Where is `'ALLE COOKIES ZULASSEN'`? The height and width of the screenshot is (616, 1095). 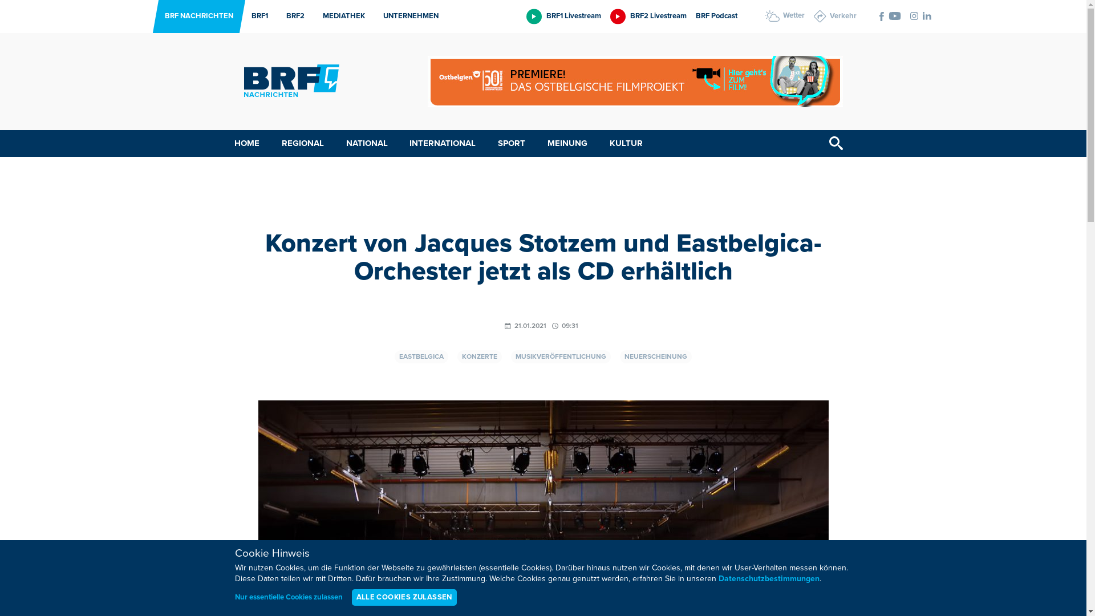
'ALLE COOKIES ZULASSEN' is located at coordinates (404, 597).